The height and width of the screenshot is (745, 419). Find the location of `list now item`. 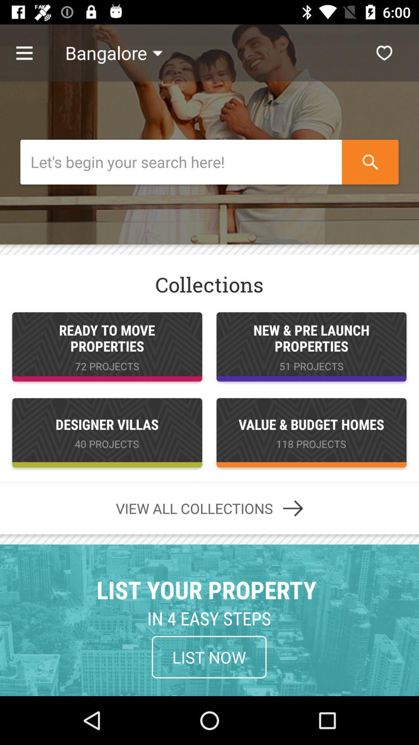

list now item is located at coordinates (209, 657).